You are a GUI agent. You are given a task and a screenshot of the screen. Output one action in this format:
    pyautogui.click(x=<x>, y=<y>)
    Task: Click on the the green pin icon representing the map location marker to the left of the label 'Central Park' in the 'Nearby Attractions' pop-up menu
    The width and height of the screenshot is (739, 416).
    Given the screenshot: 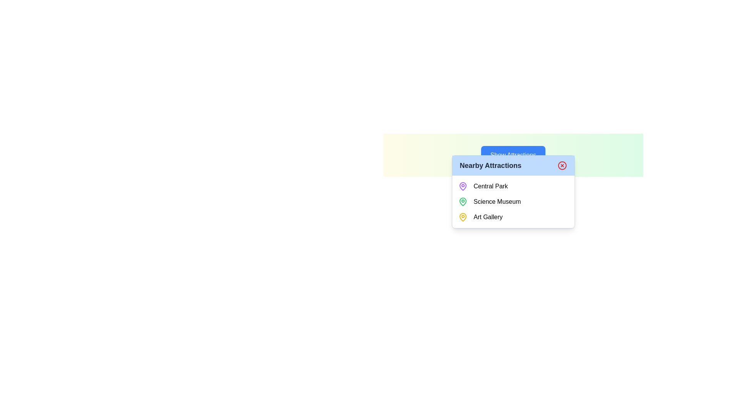 What is the action you would take?
    pyautogui.click(x=462, y=201)
    